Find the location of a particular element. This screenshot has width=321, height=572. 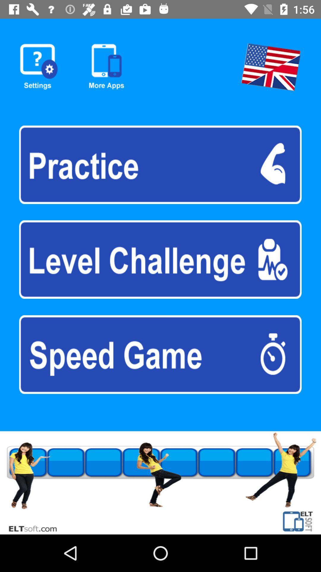

open settings is located at coordinates (39, 67).